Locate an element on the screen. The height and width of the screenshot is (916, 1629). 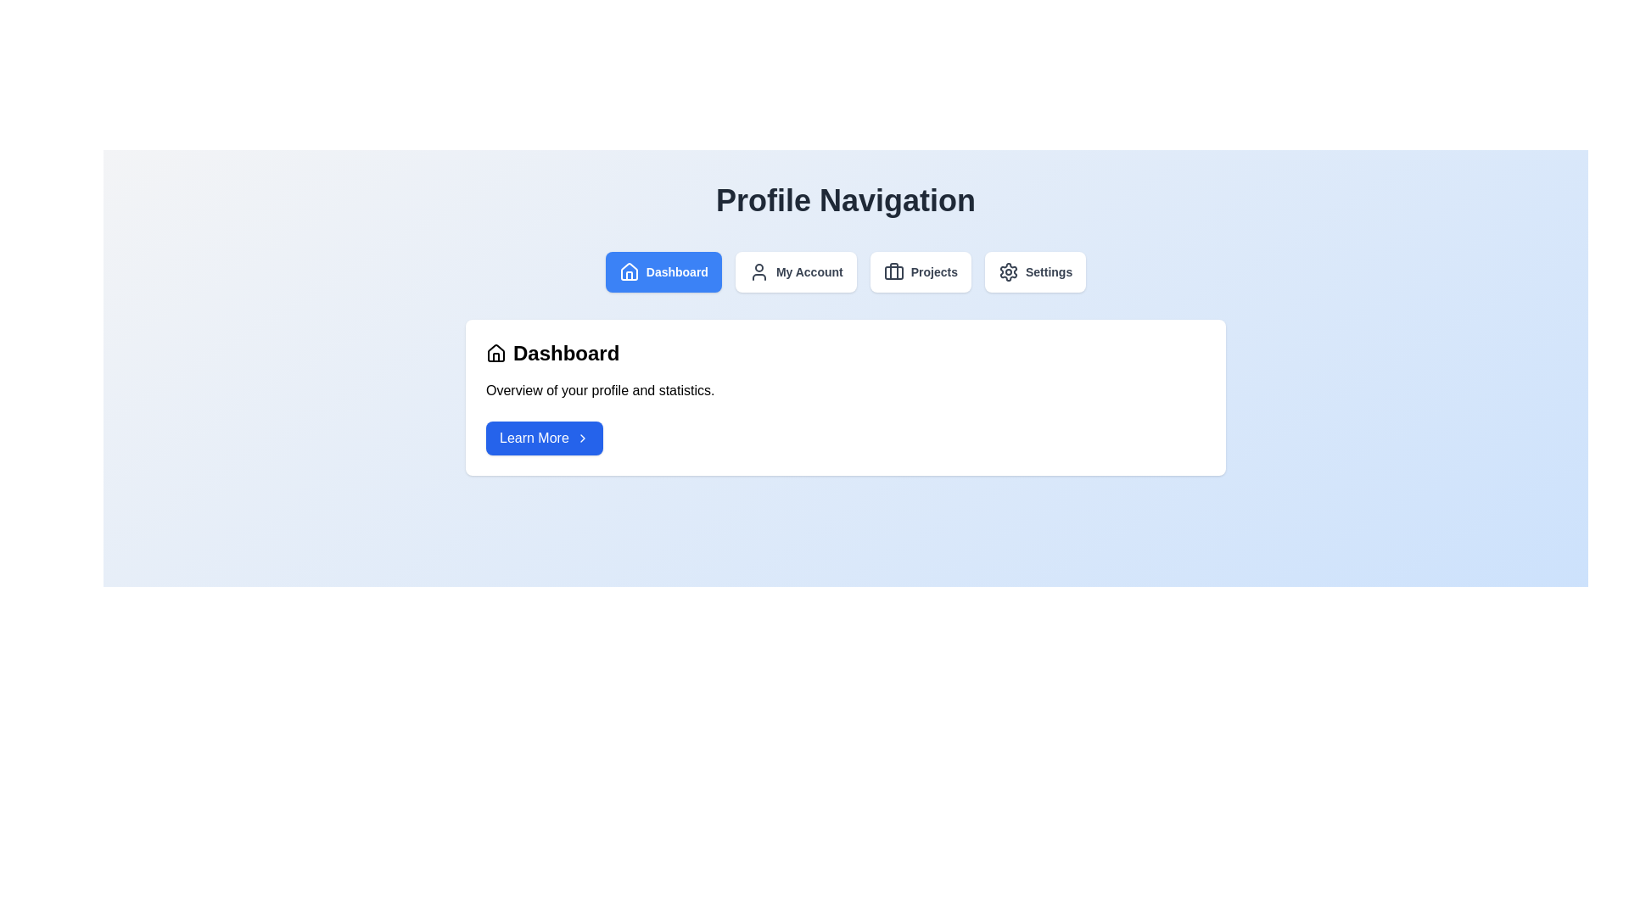
the gear icon located within the 'Settings' button, which is the fourth button in the navigation bar at the top of the interface is located at coordinates (1009, 271).